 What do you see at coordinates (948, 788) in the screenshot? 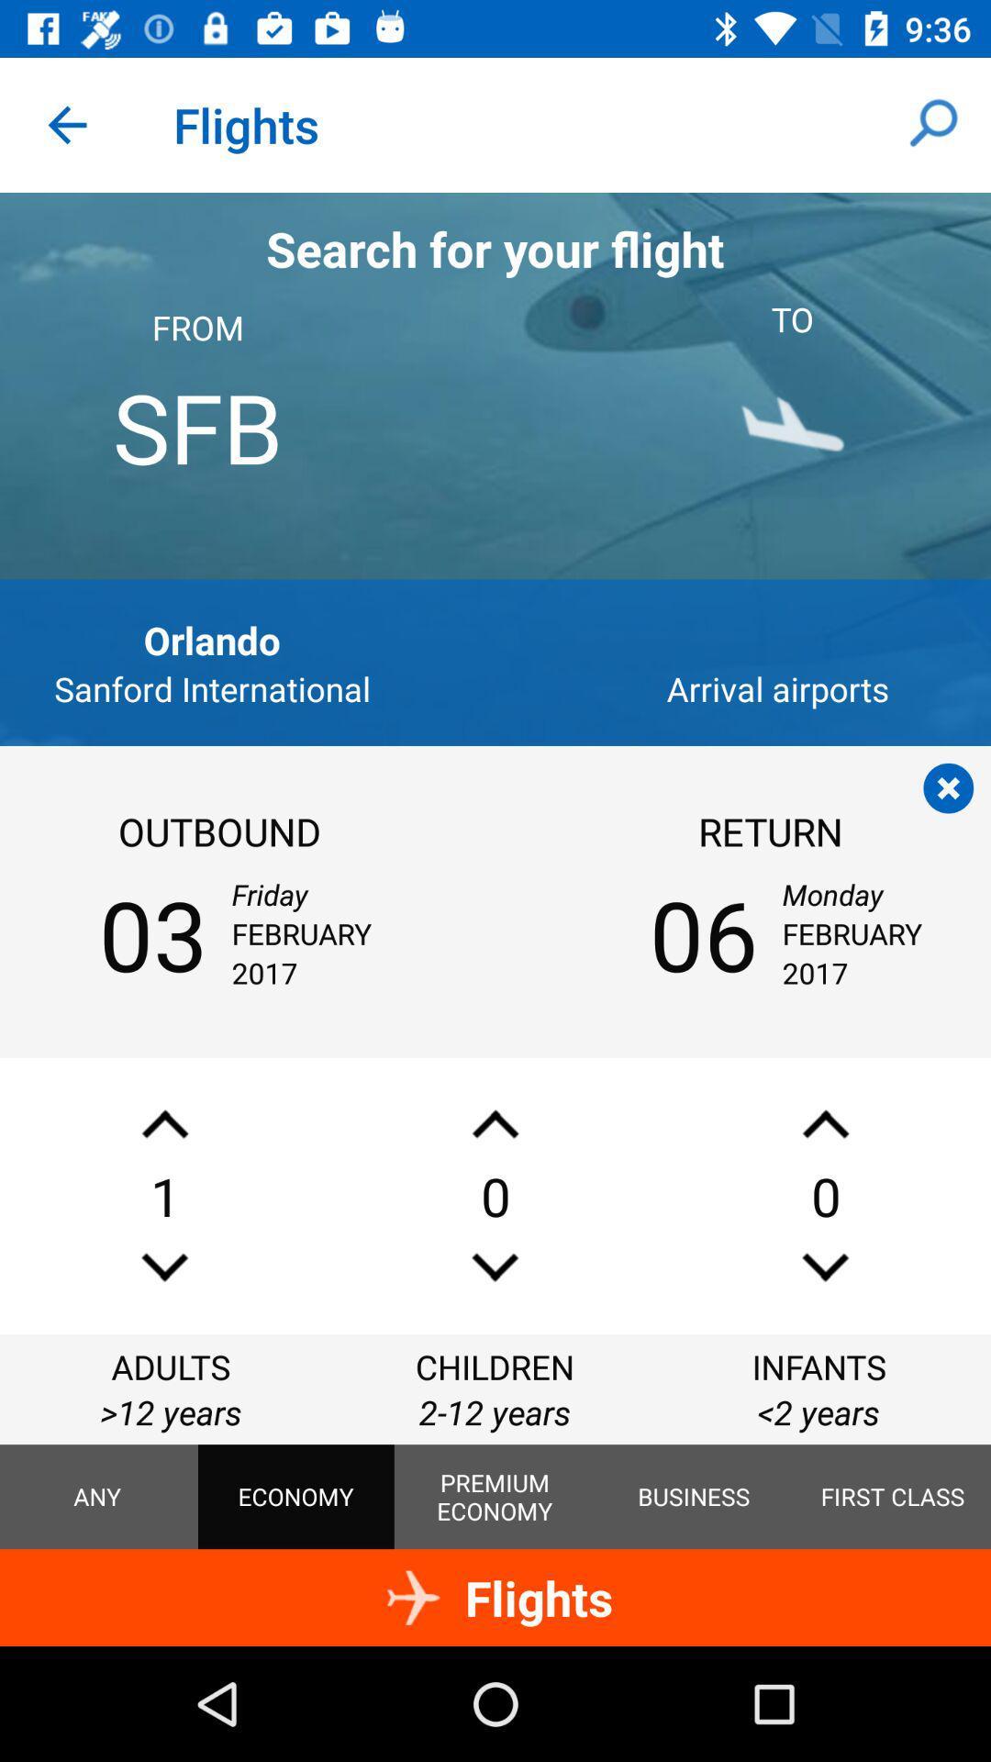
I see `the close icon` at bounding box center [948, 788].